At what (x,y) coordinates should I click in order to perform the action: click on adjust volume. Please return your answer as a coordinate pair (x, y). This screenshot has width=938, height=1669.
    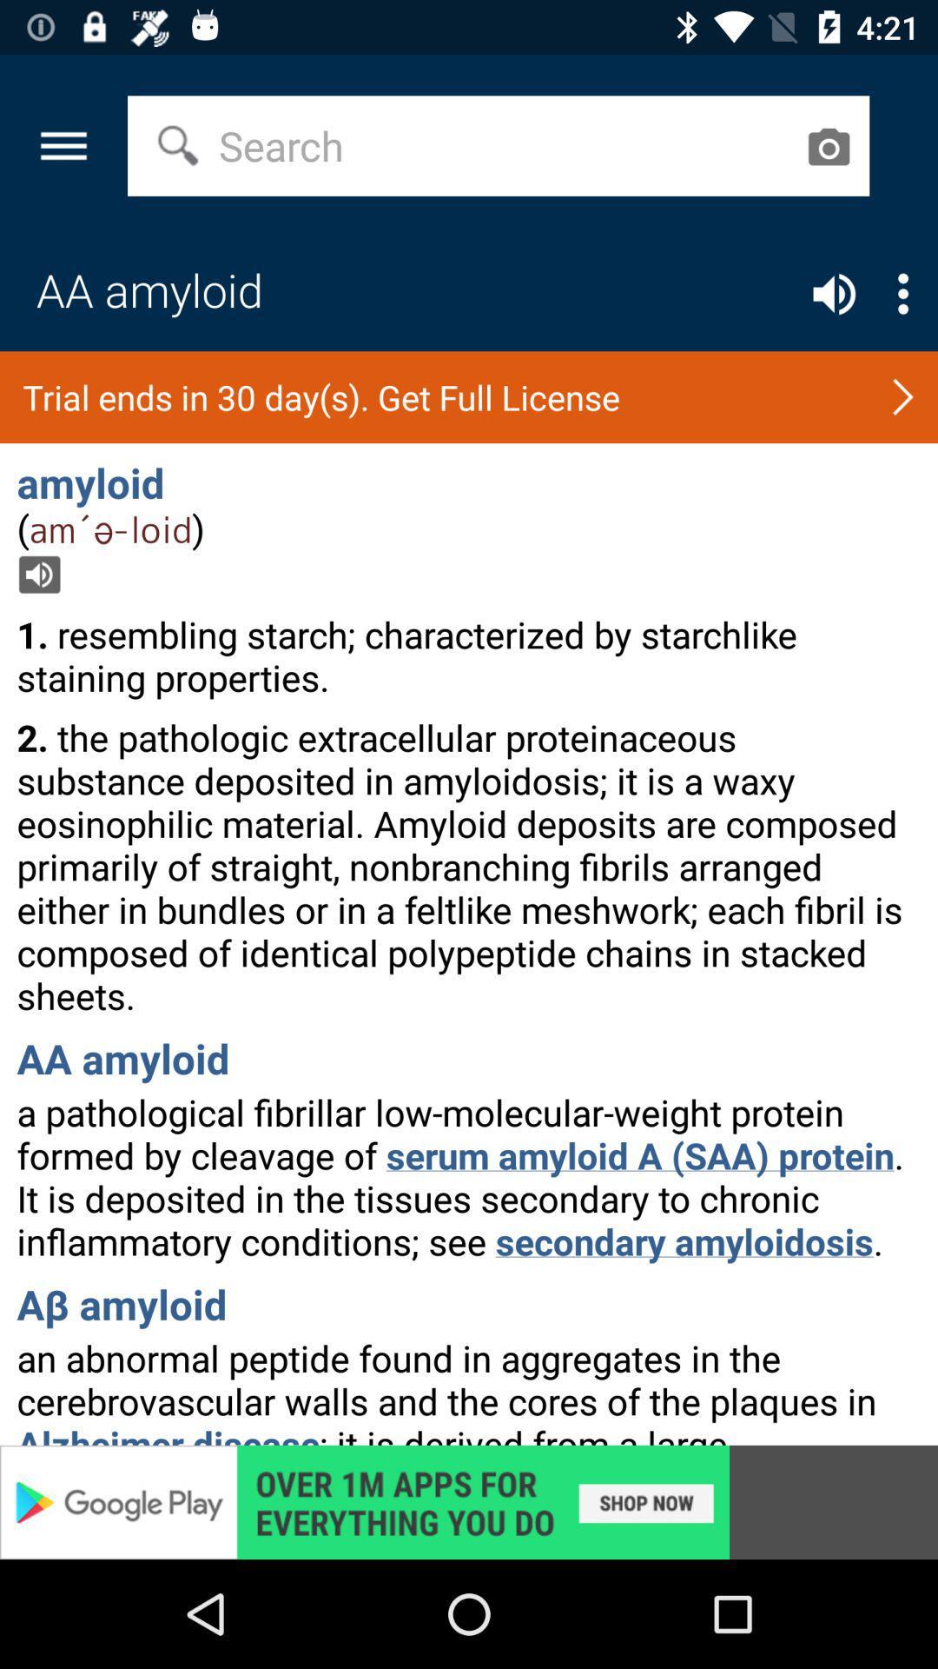
    Looking at the image, I should click on (833, 294).